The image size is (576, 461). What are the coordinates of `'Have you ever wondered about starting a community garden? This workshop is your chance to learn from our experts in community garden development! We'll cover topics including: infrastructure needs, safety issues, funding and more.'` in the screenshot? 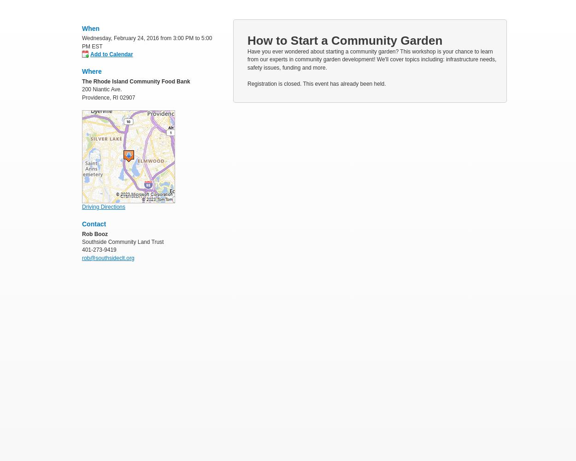 It's located at (371, 59).